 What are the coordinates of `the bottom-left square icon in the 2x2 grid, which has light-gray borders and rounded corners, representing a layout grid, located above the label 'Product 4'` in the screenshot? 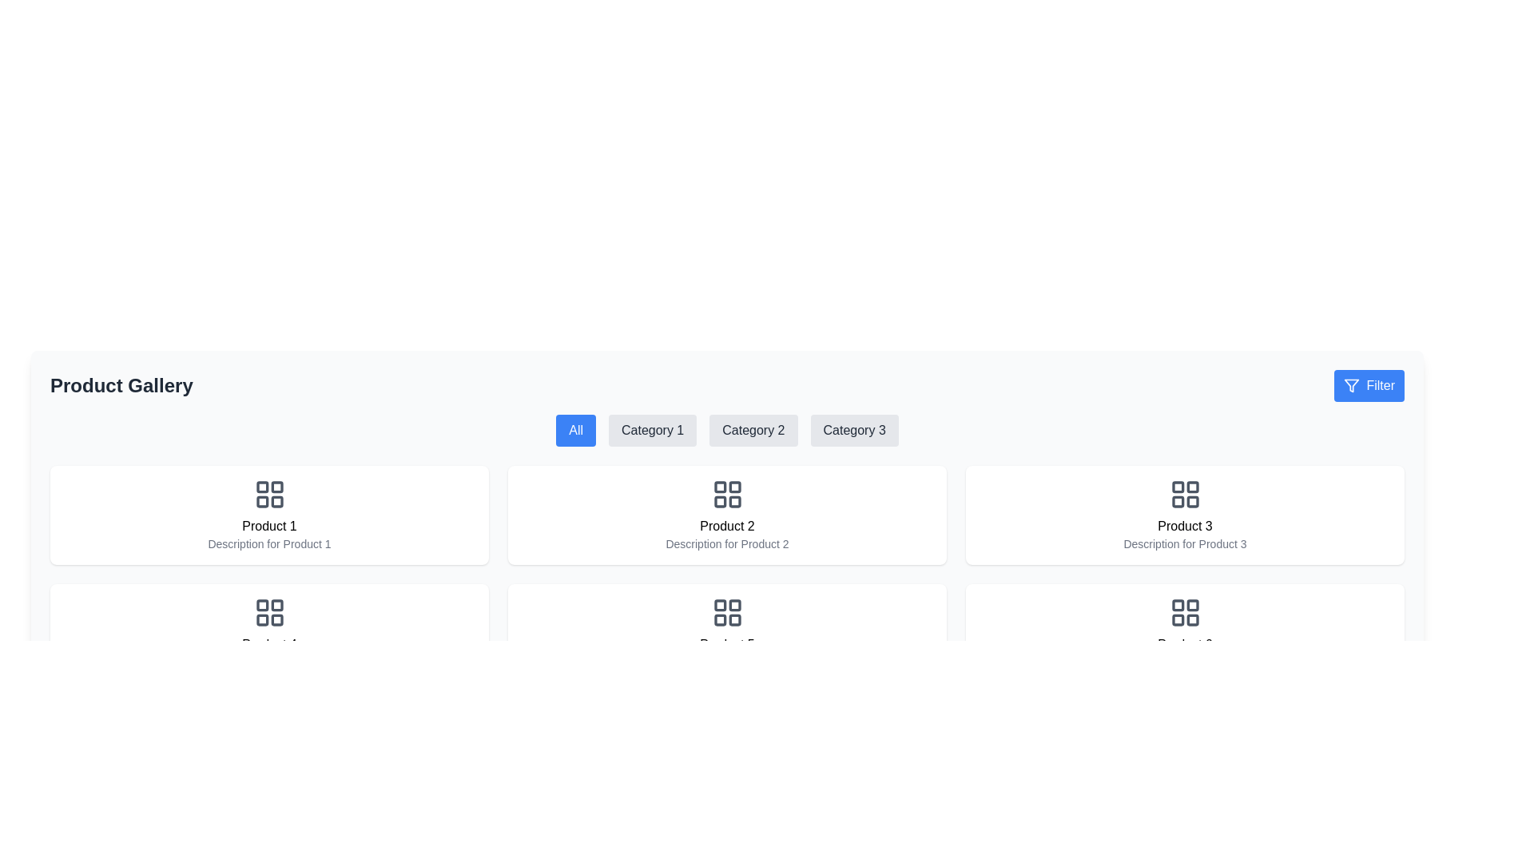 It's located at (1178, 619).